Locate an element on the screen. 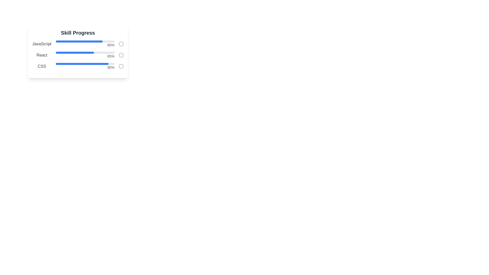 The image size is (489, 275). the text element labeled 'React', which is displayed in medium-weight, gray-colored font and is positioned between the 'JavaScript' and 'CSS' skill rows is located at coordinates (42, 55).